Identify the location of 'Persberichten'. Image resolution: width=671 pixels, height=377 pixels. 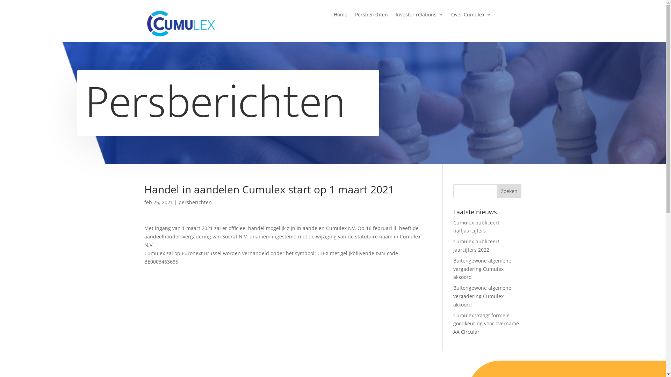
(371, 16).